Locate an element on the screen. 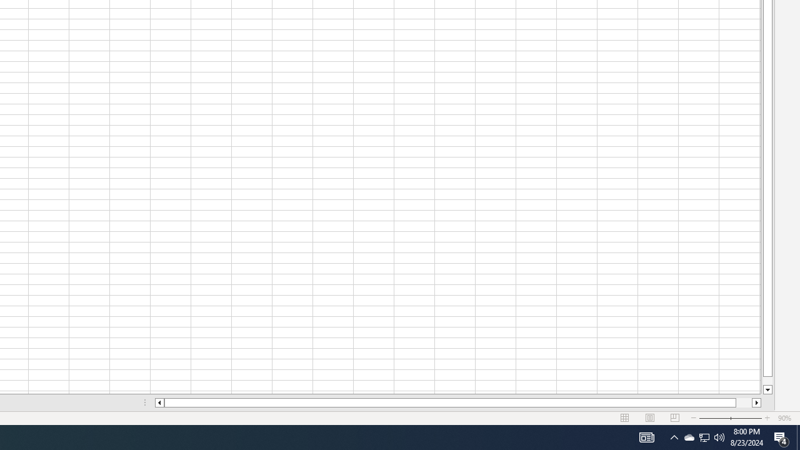 Image resolution: width=800 pixels, height=450 pixels. 'Page down' is located at coordinates (767, 380).